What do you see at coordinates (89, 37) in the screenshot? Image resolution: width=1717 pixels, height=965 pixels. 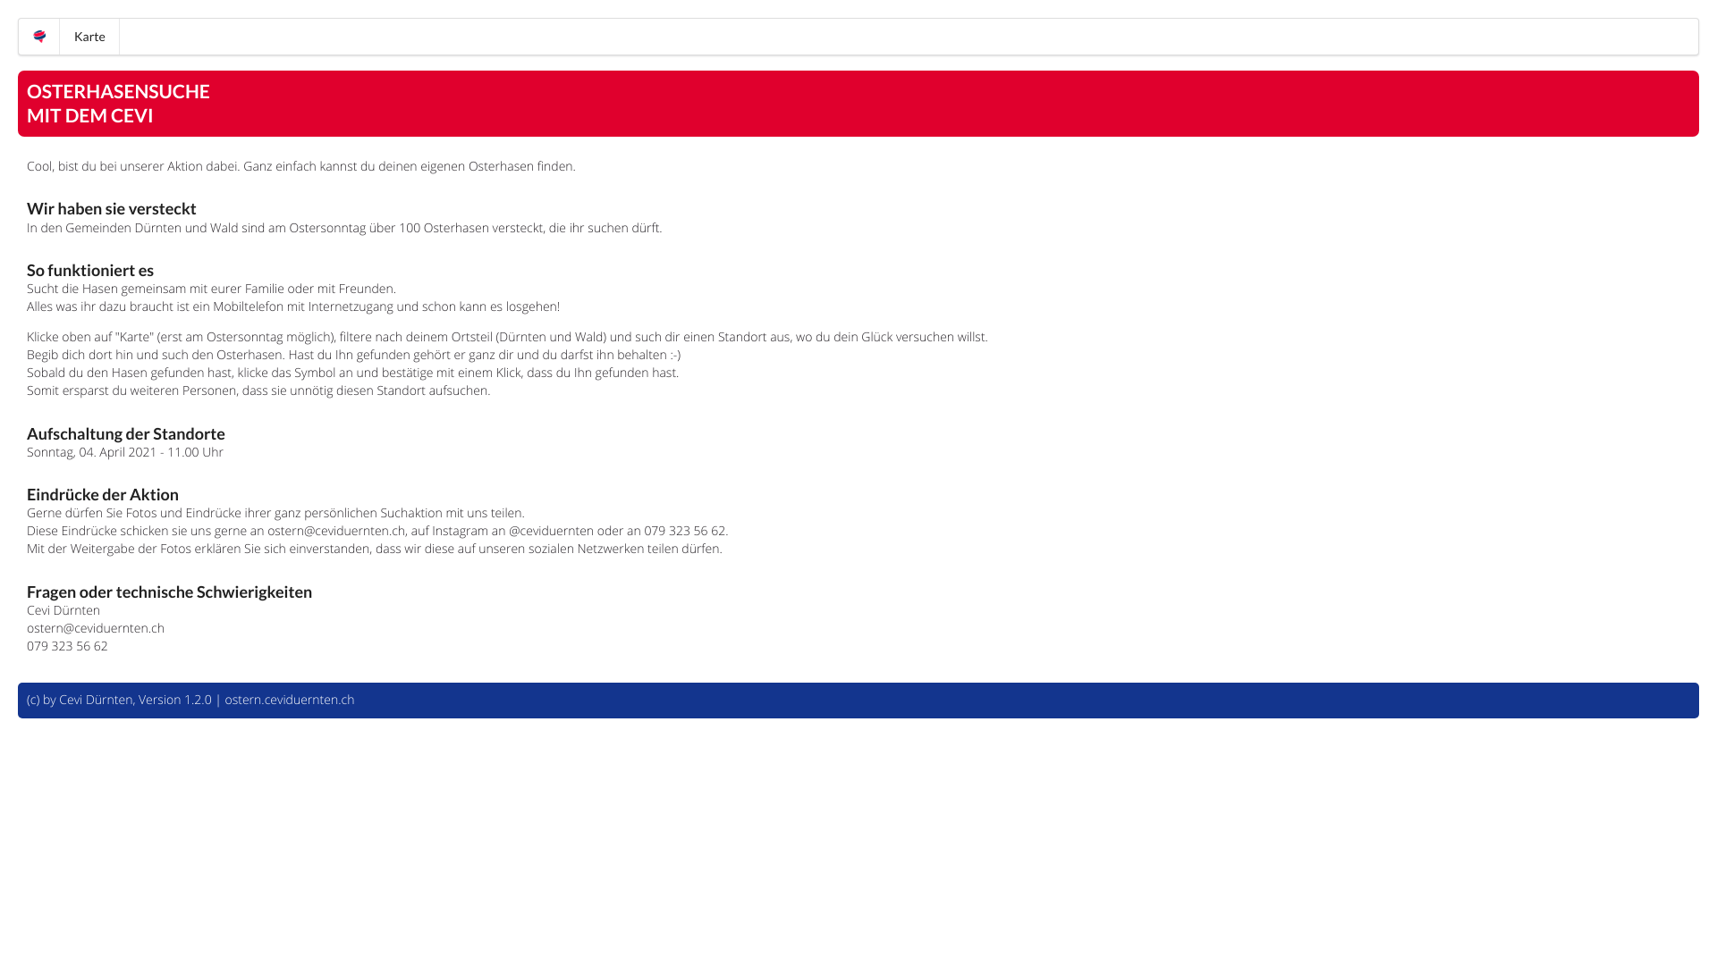 I see `'Karte'` at bounding box center [89, 37].